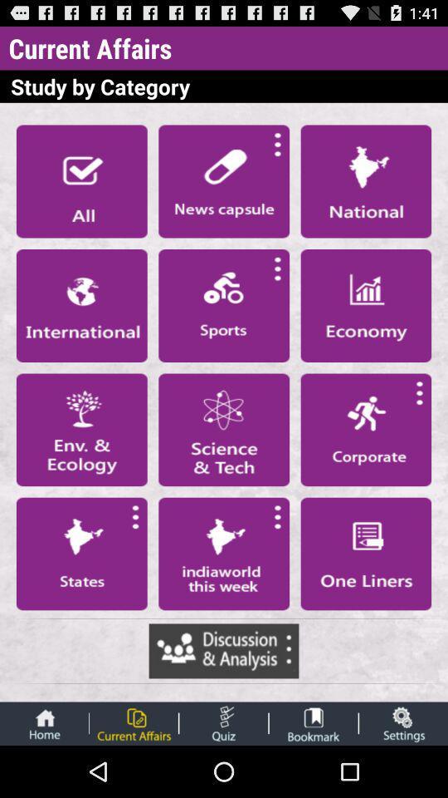 Image resolution: width=448 pixels, height=798 pixels. Describe the element at coordinates (224, 554) in the screenshot. I see `indiaworld this week category` at that location.